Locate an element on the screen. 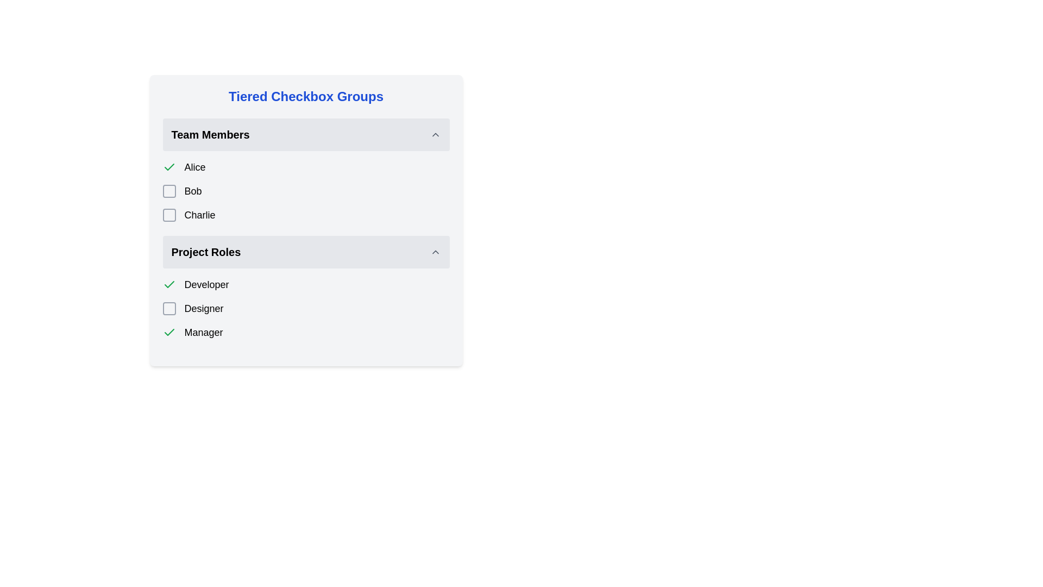 Image resolution: width=1043 pixels, height=587 pixels. to select the checkbox located in the 'Team Members' section, which is the small square checkbox with a gray border preceding the label 'Bob' is located at coordinates (168, 190).